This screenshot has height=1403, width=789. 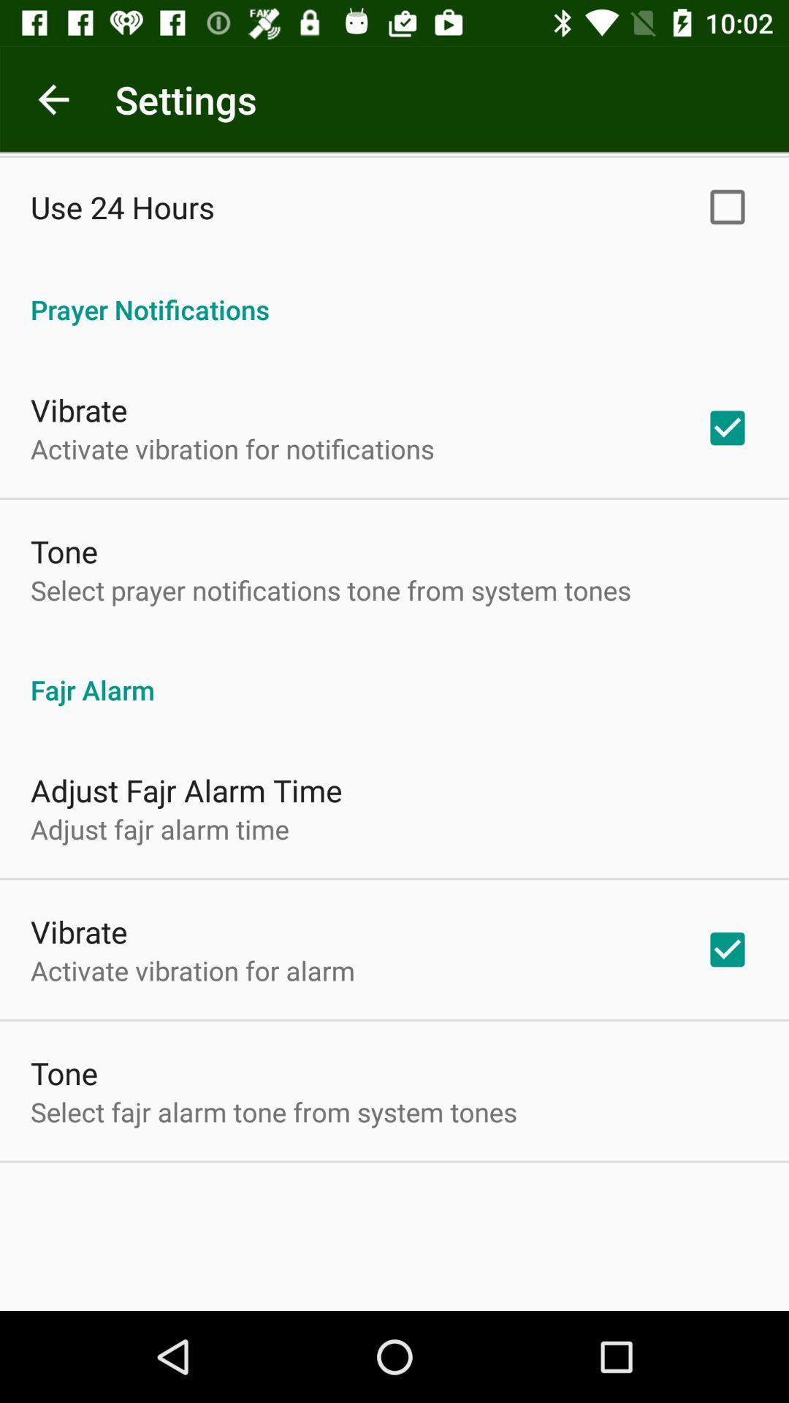 What do you see at coordinates (53, 99) in the screenshot?
I see `settings menu` at bounding box center [53, 99].